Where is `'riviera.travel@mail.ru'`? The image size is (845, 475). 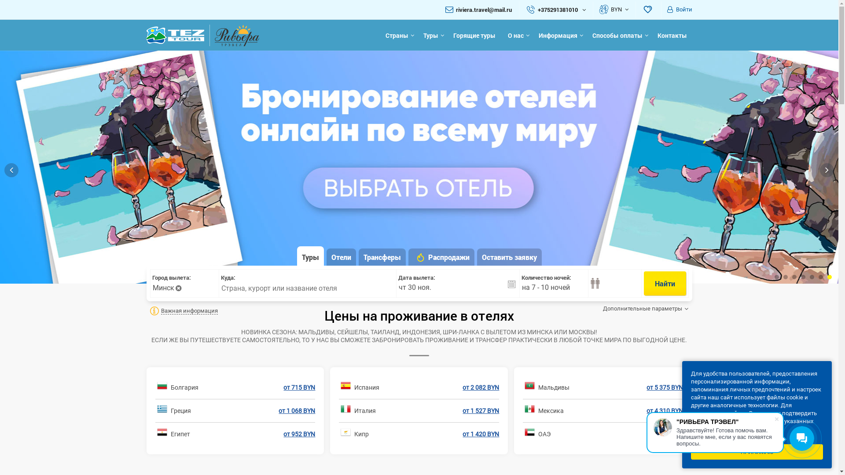 'riviera.travel@mail.ru' is located at coordinates (483, 10).